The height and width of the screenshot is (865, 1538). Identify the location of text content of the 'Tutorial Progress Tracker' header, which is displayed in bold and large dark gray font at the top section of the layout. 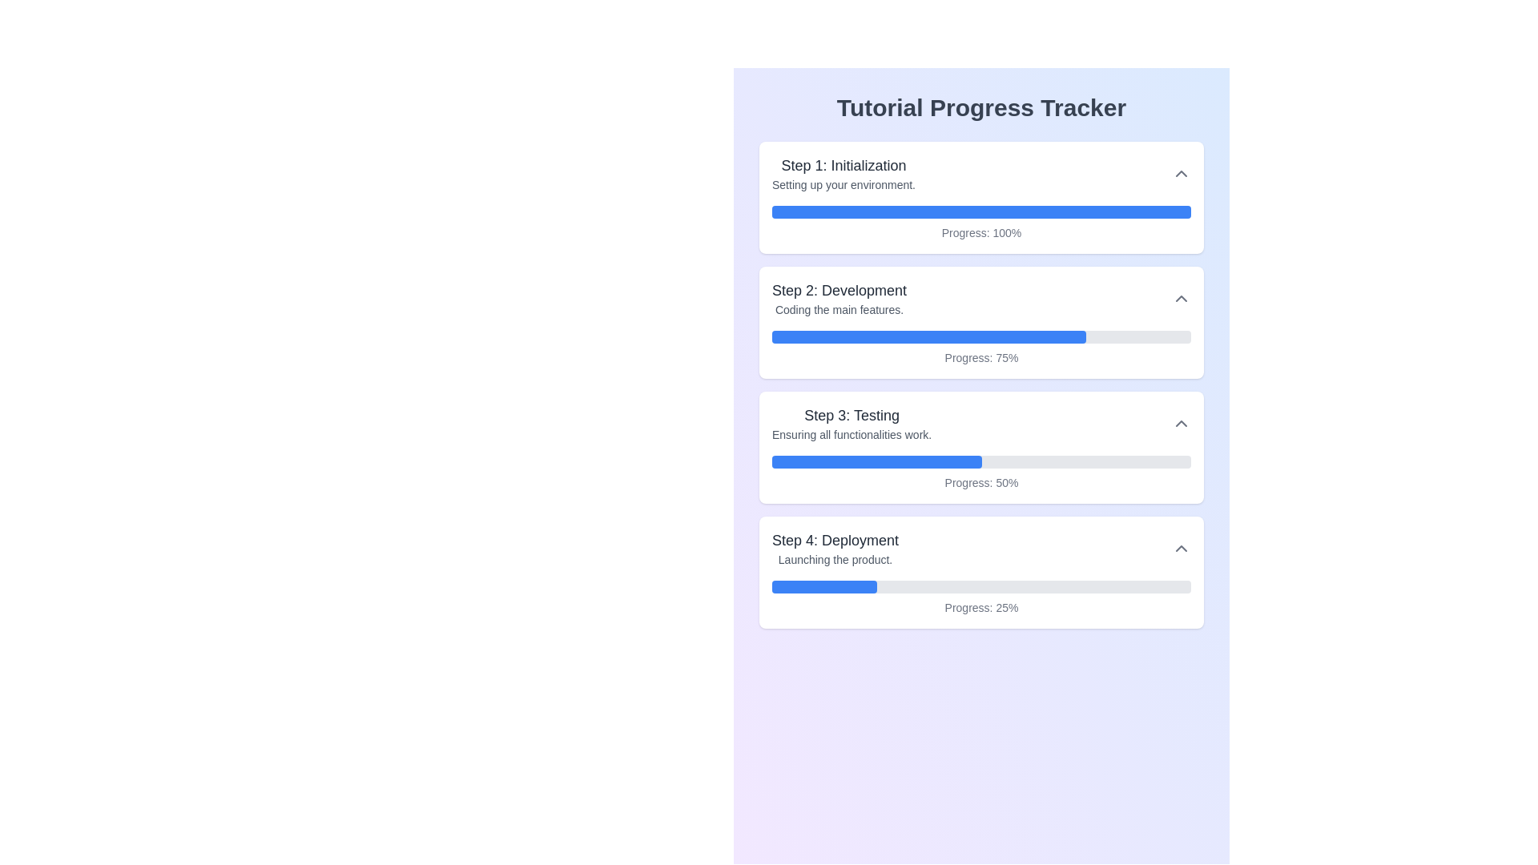
(980, 108).